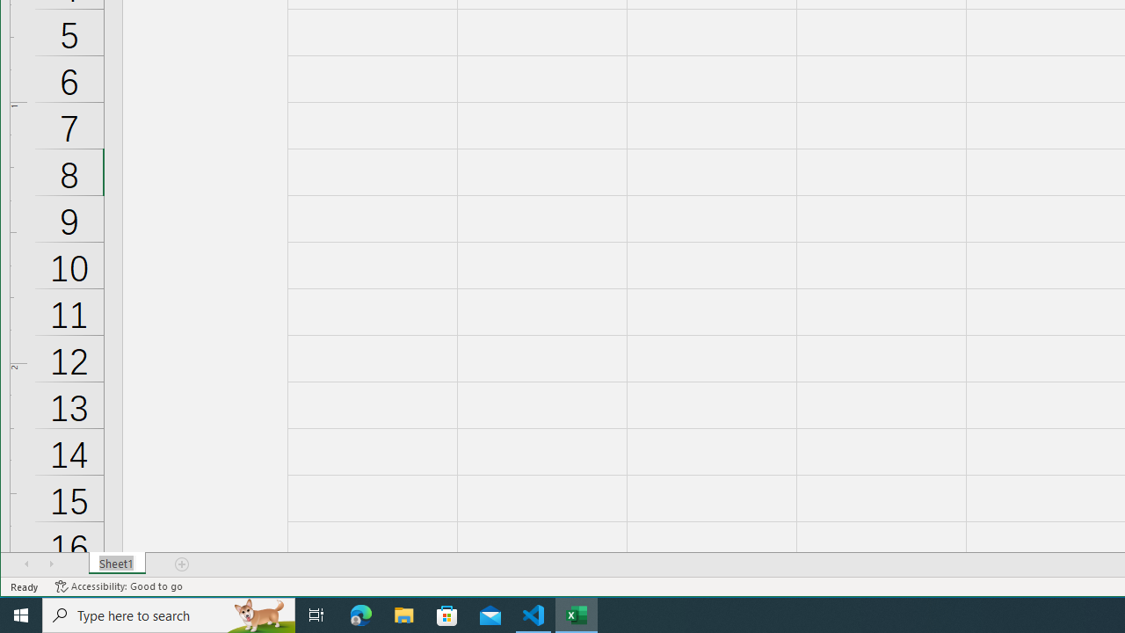  I want to click on 'Visual Studio Code - 1 running window', so click(533, 614).